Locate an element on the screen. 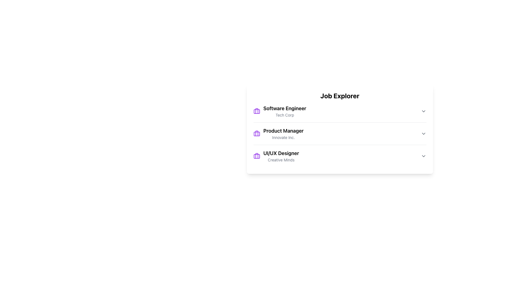 Image resolution: width=532 pixels, height=299 pixels. the small, purple-colored briefcase icon located to the left of the text 'Product Manager Innovate Inc.' in the middle segment of a vertical list of job roles is located at coordinates (256, 133).